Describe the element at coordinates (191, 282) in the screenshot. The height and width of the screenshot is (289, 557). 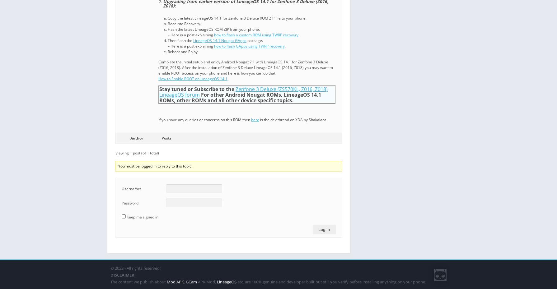
I see `'GCam'` at that location.